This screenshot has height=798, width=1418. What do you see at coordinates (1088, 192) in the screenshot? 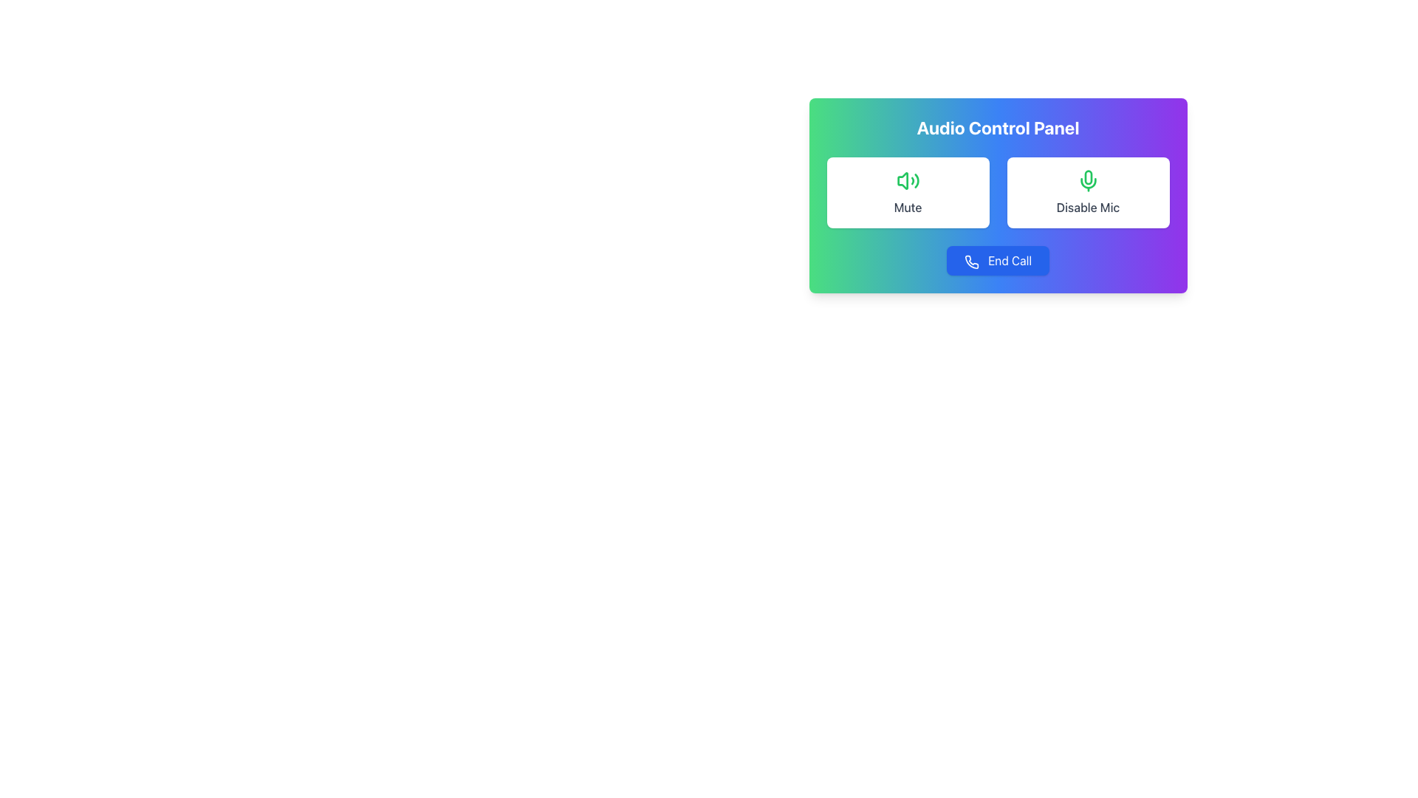
I see `the rectangular button with rounded corners labeled 'Disable Mic' that features a green microphone icon` at bounding box center [1088, 192].